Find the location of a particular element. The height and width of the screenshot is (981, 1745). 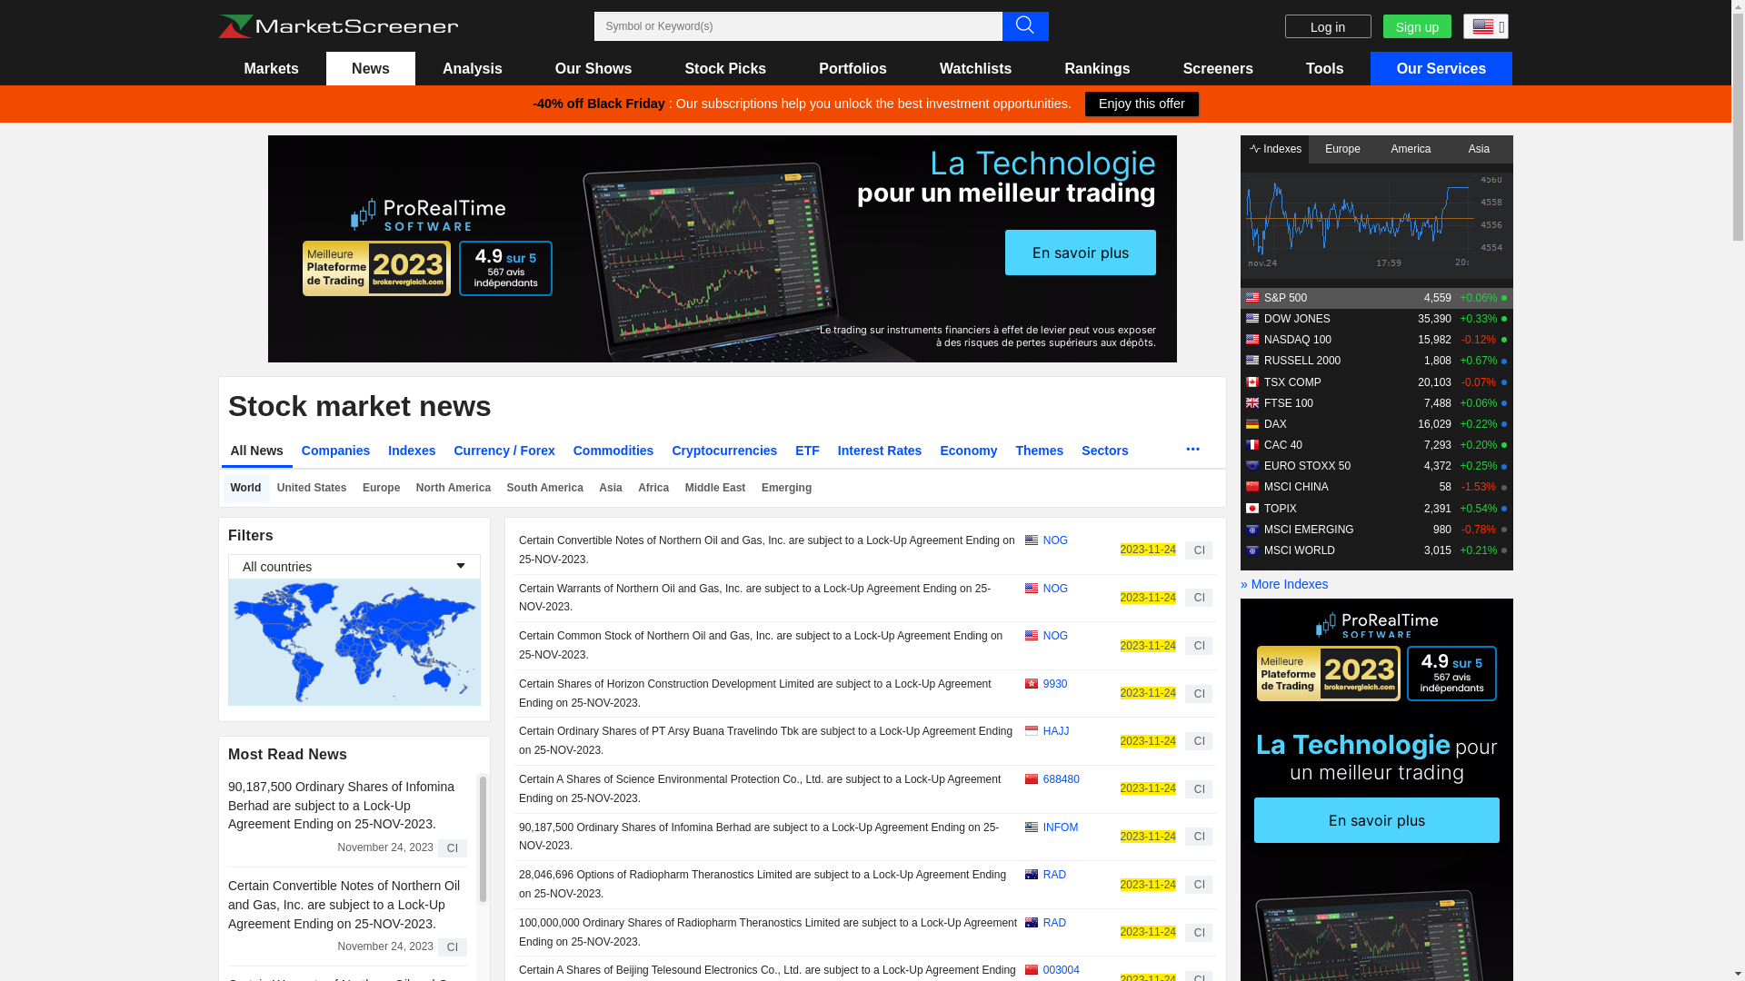

'Log in' is located at coordinates (1284, 26).